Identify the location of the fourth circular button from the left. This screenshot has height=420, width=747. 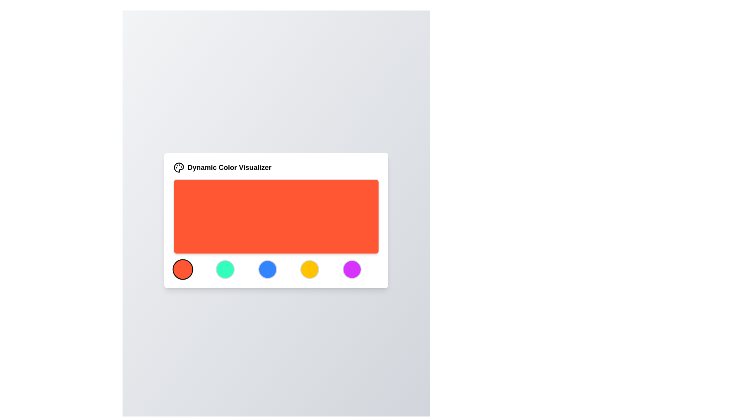
(309, 269).